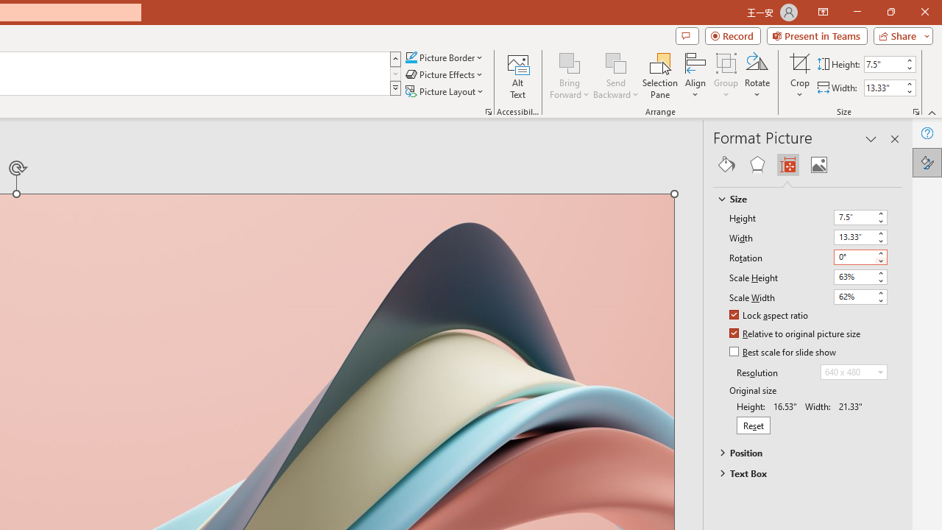 This screenshot has width=942, height=530. Describe the element at coordinates (659, 76) in the screenshot. I see `'Selection Pane...'` at that location.